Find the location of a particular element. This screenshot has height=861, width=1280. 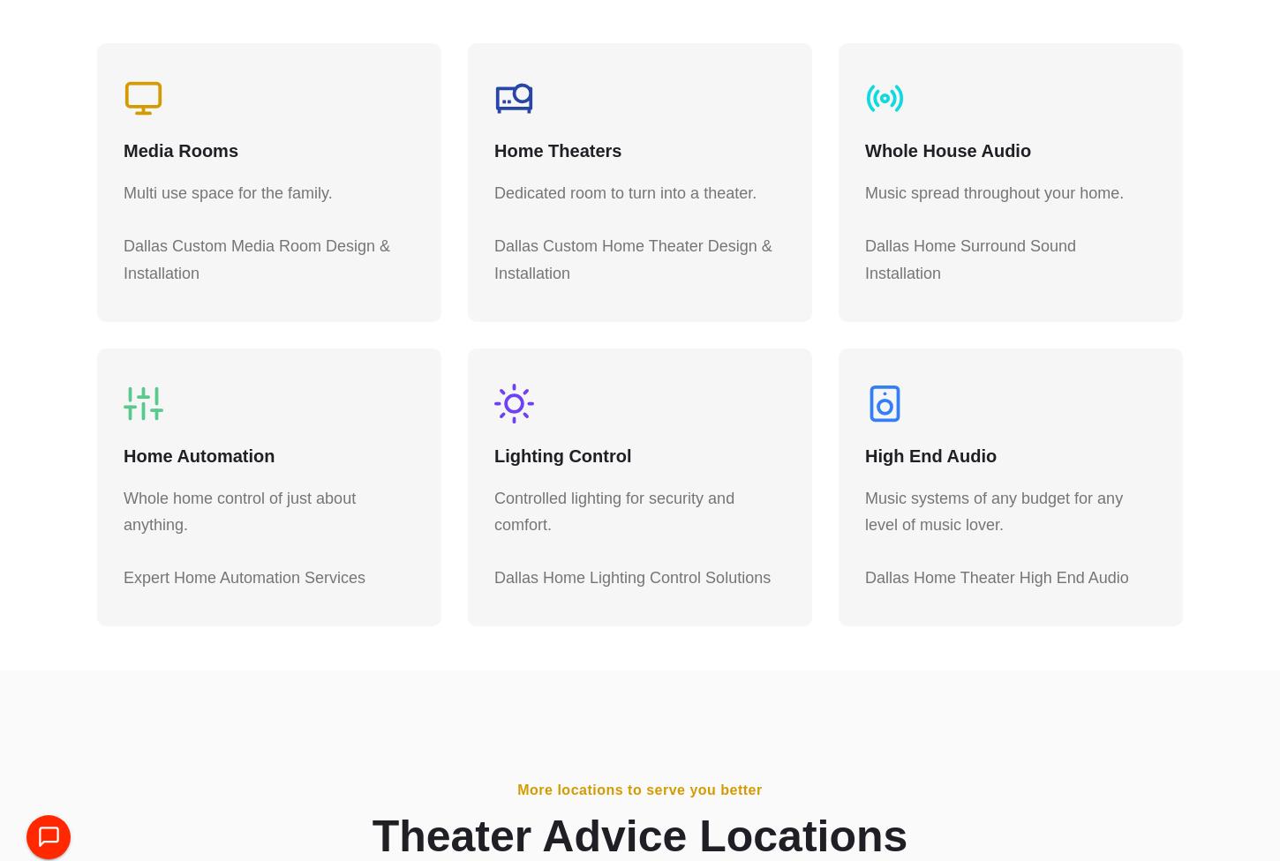

'Media Rooms' is located at coordinates (180, 159).